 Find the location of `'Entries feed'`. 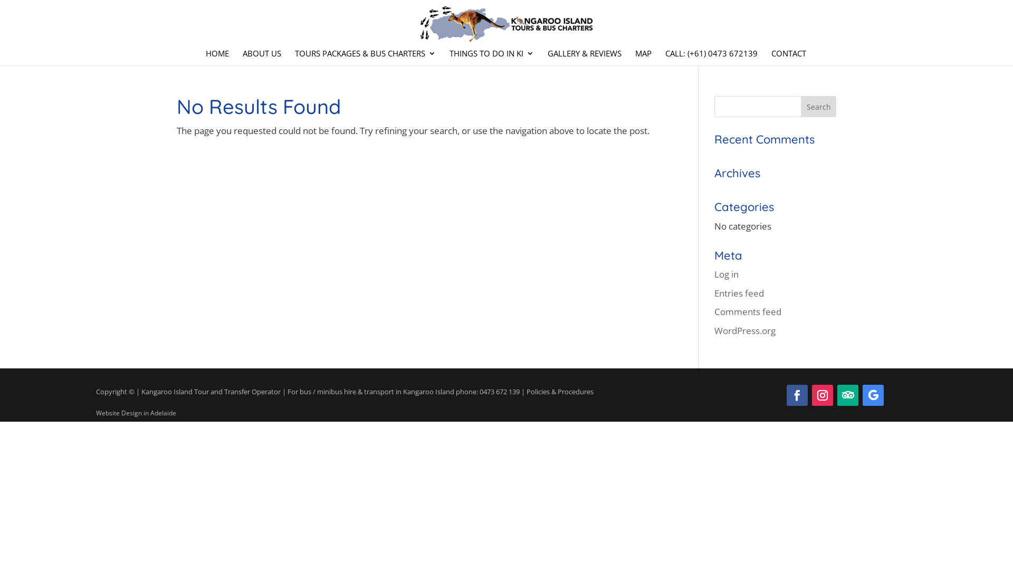

'Entries feed' is located at coordinates (714, 293).